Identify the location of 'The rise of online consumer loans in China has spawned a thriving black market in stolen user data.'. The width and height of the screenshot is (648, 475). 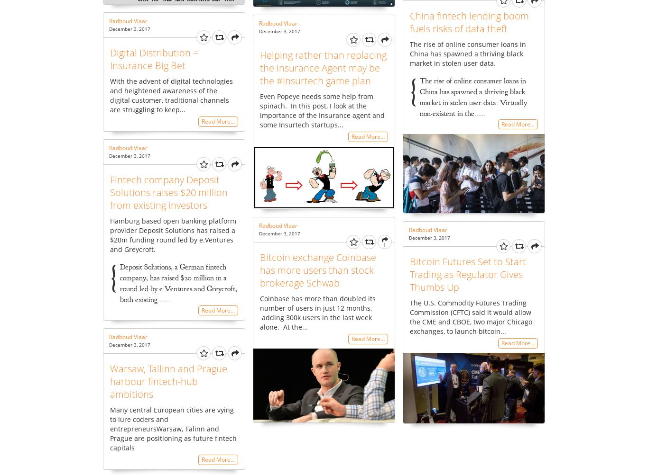
(468, 53).